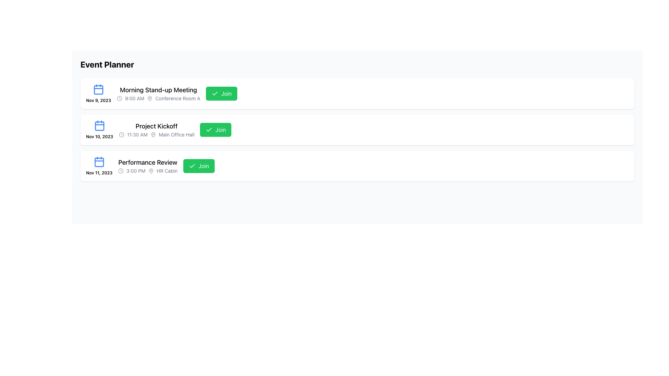  I want to click on the inner rectangular component of the first calendar icon representing the event's date for the 'Morning Stand-up Meeting', so click(98, 89).